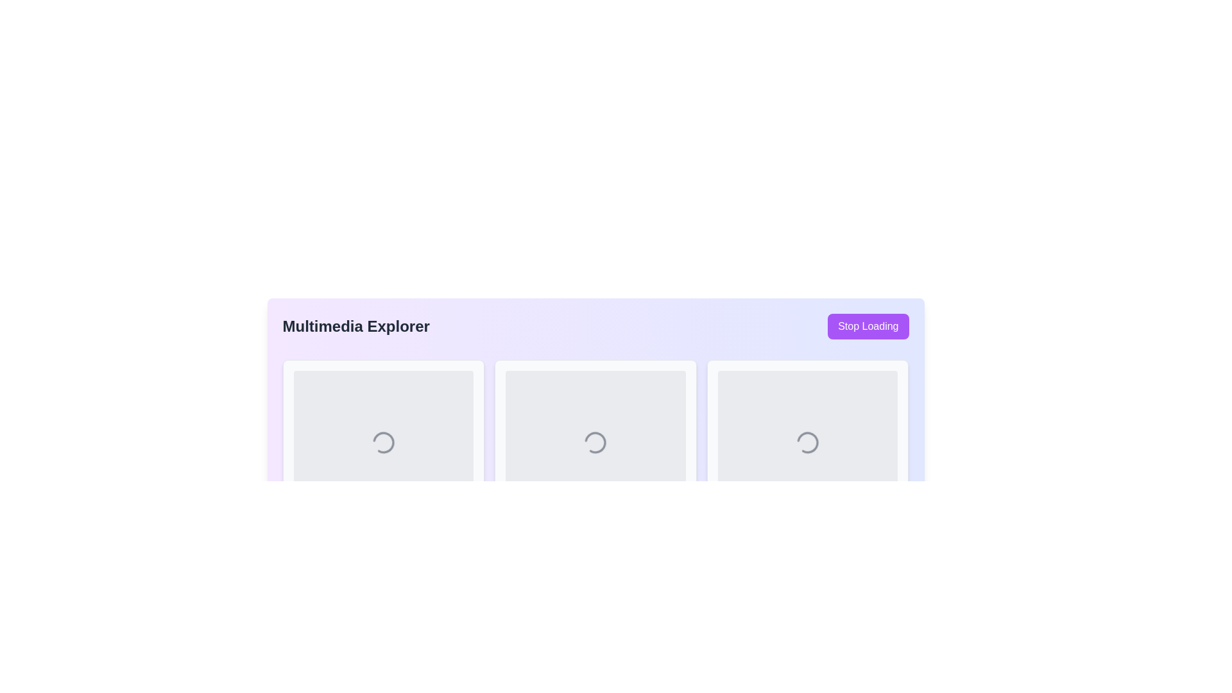 Image resolution: width=1232 pixels, height=693 pixels. Describe the element at coordinates (356, 326) in the screenshot. I see `the Text Label that displays 'Multimedia Explorer', which is styled with a large, bold font in dark gray, located centrally on the top row of the interface` at that location.